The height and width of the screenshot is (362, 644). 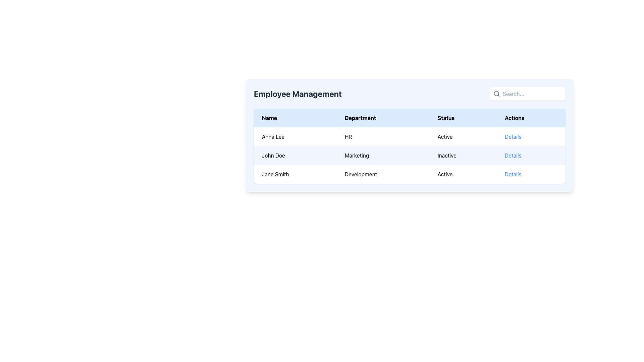 I want to click on the second row in the employee table displaying information about John Doe, which includes the 'Details' link and is highlighted with an alternating background color, so click(x=409, y=155).